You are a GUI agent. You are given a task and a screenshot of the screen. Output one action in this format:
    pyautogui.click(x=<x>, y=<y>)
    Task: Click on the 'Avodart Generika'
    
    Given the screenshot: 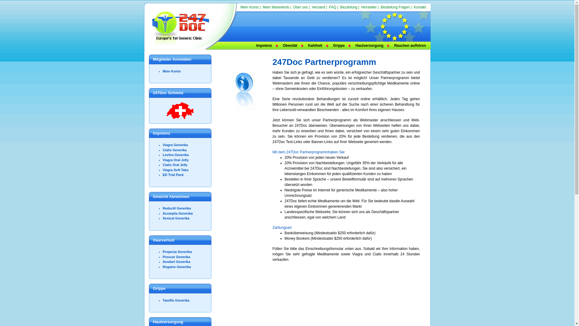 What is the action you would take?
    pyautogui.click(x=176, y=261)
    